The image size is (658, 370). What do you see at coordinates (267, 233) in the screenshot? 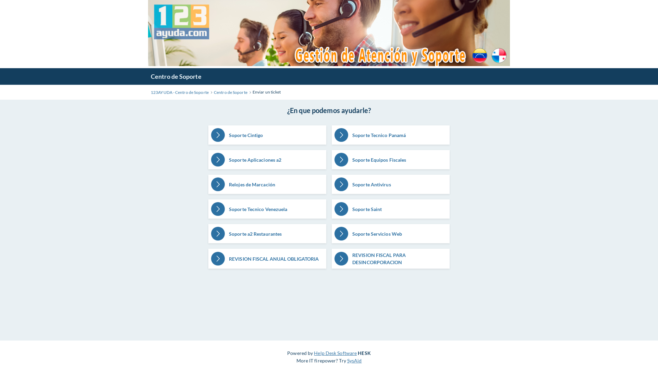
I see `'Soporte a2 Restaurantes'` at bounding box center [267, 233].